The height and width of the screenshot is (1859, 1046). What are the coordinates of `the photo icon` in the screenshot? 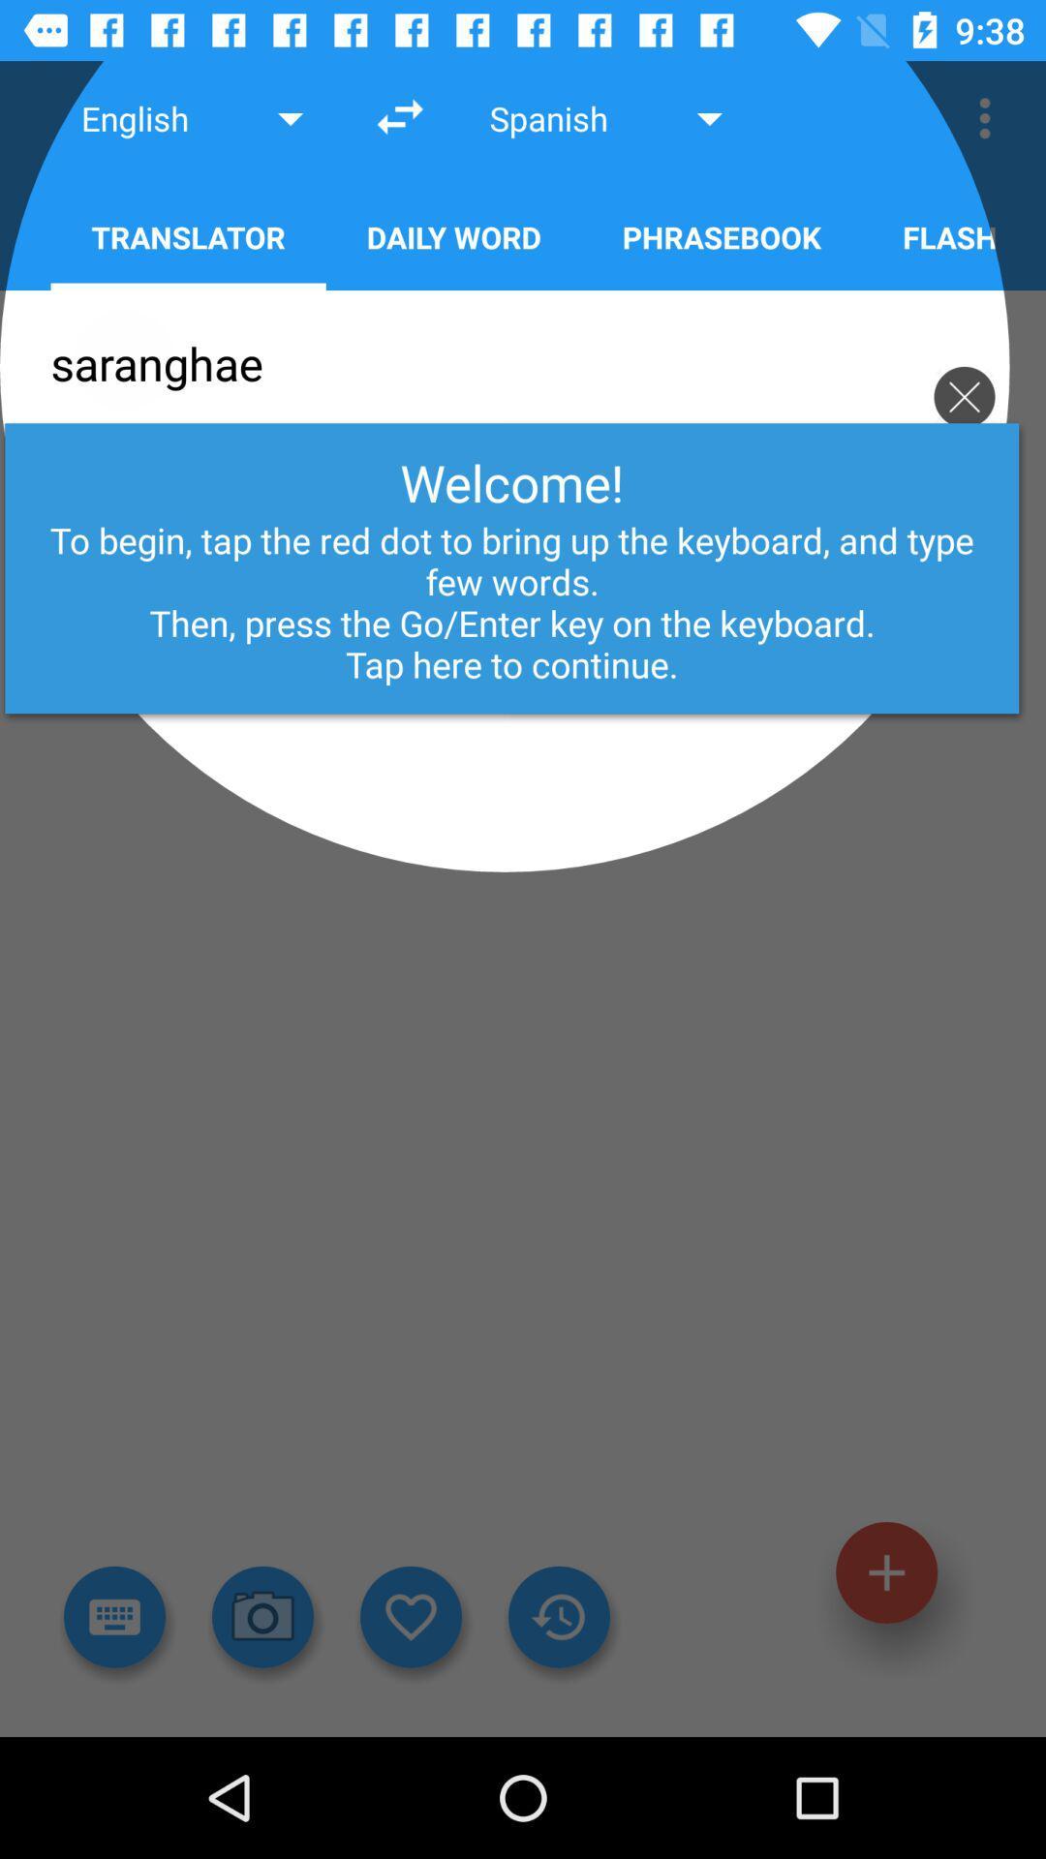 It's located at (262, 1617).